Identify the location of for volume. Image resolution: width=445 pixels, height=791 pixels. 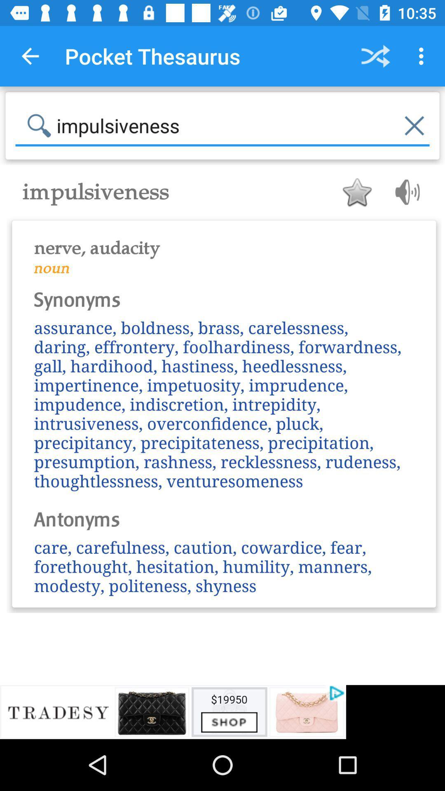
(404, 192).